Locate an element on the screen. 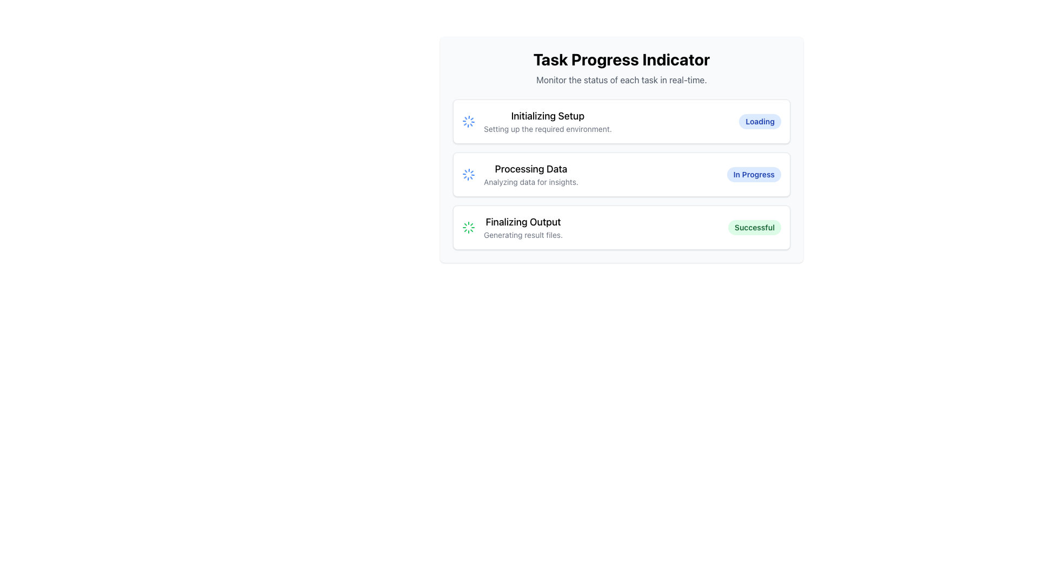 This screenshot has width=1038, height=584. the 'Processing Data' text label to highlight the text, which serves as a title indicating the current status of the task within the Task Progress Indicator interface is located at coordinates (531, 169).